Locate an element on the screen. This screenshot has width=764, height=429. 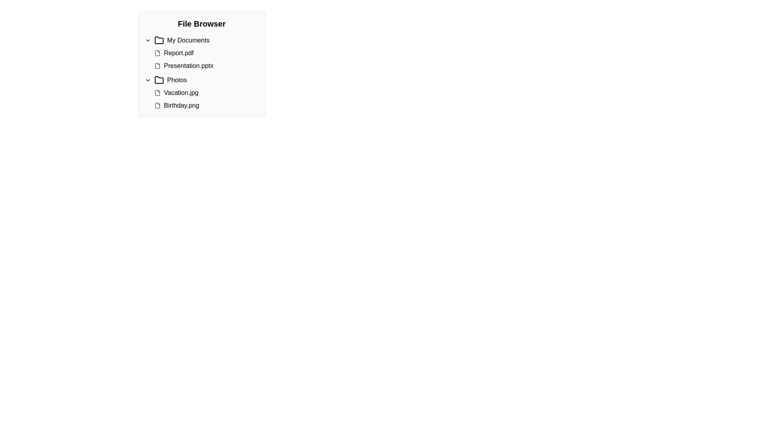
the minimalist file icon for 'Vacation.jpg' is located at coordinates (157, 93).